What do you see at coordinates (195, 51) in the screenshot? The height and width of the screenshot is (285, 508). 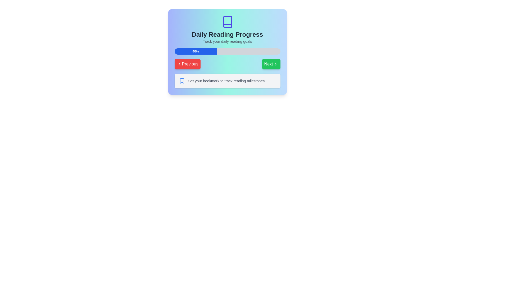 I see `the progress bar segment that visually represents 40% progress towards the goal, located below the 'Daily Reading Progress' title and above the 'Previous' and 'Next' buttons` at bounding box center [195, 51].